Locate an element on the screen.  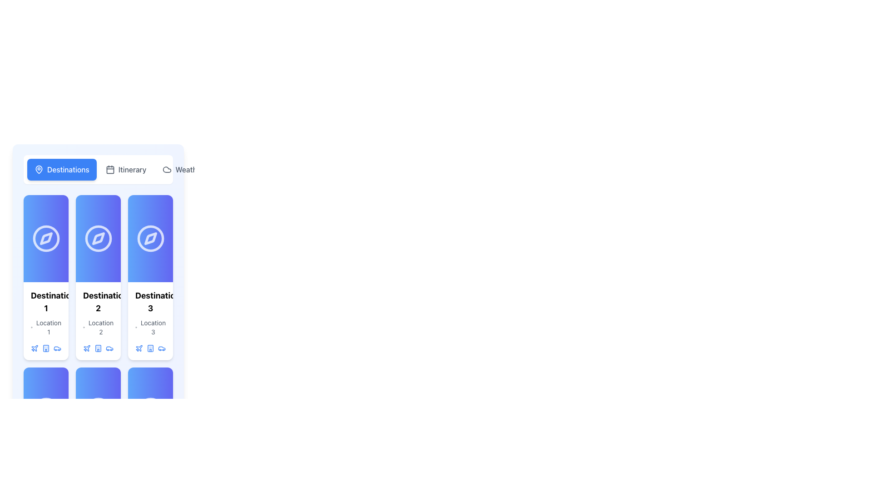
the text block displaying the name and location of a travel destination, which is part of the third card in a horizontally arranged list of cards is located at coordinates (150, 321).